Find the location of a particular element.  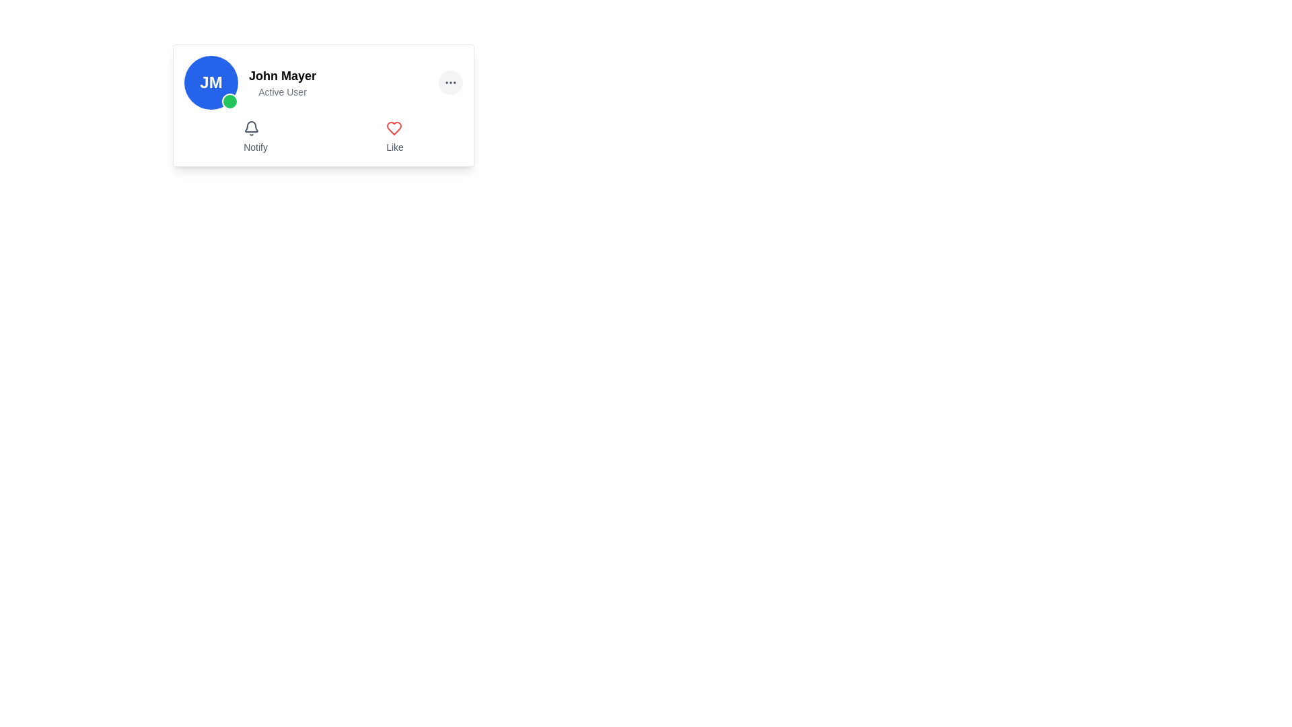

text content of the user profile information displayed in the text component, which includes the name 'John Mayer' and the status 'Active User' located within the card layout to the right of the circular avatar is located at coordinates (282, 83).